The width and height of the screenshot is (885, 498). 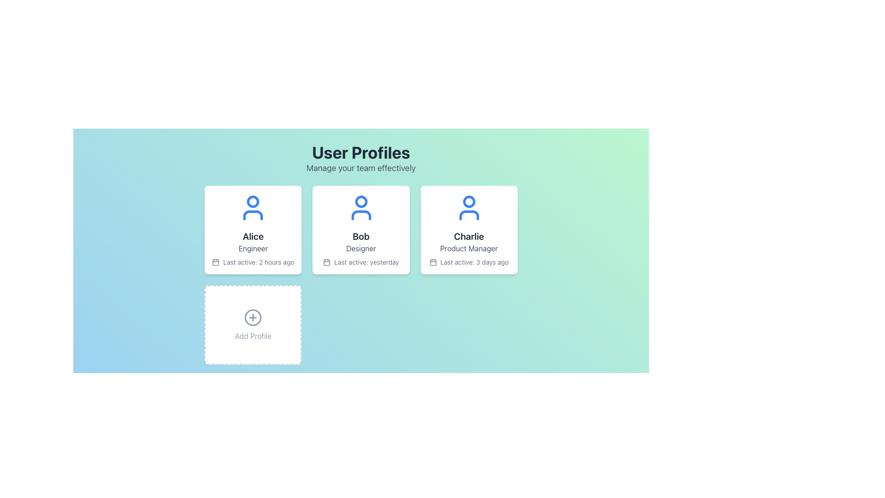 I want to click on the job role text label in the user profile card, so click(x=253, y=248).